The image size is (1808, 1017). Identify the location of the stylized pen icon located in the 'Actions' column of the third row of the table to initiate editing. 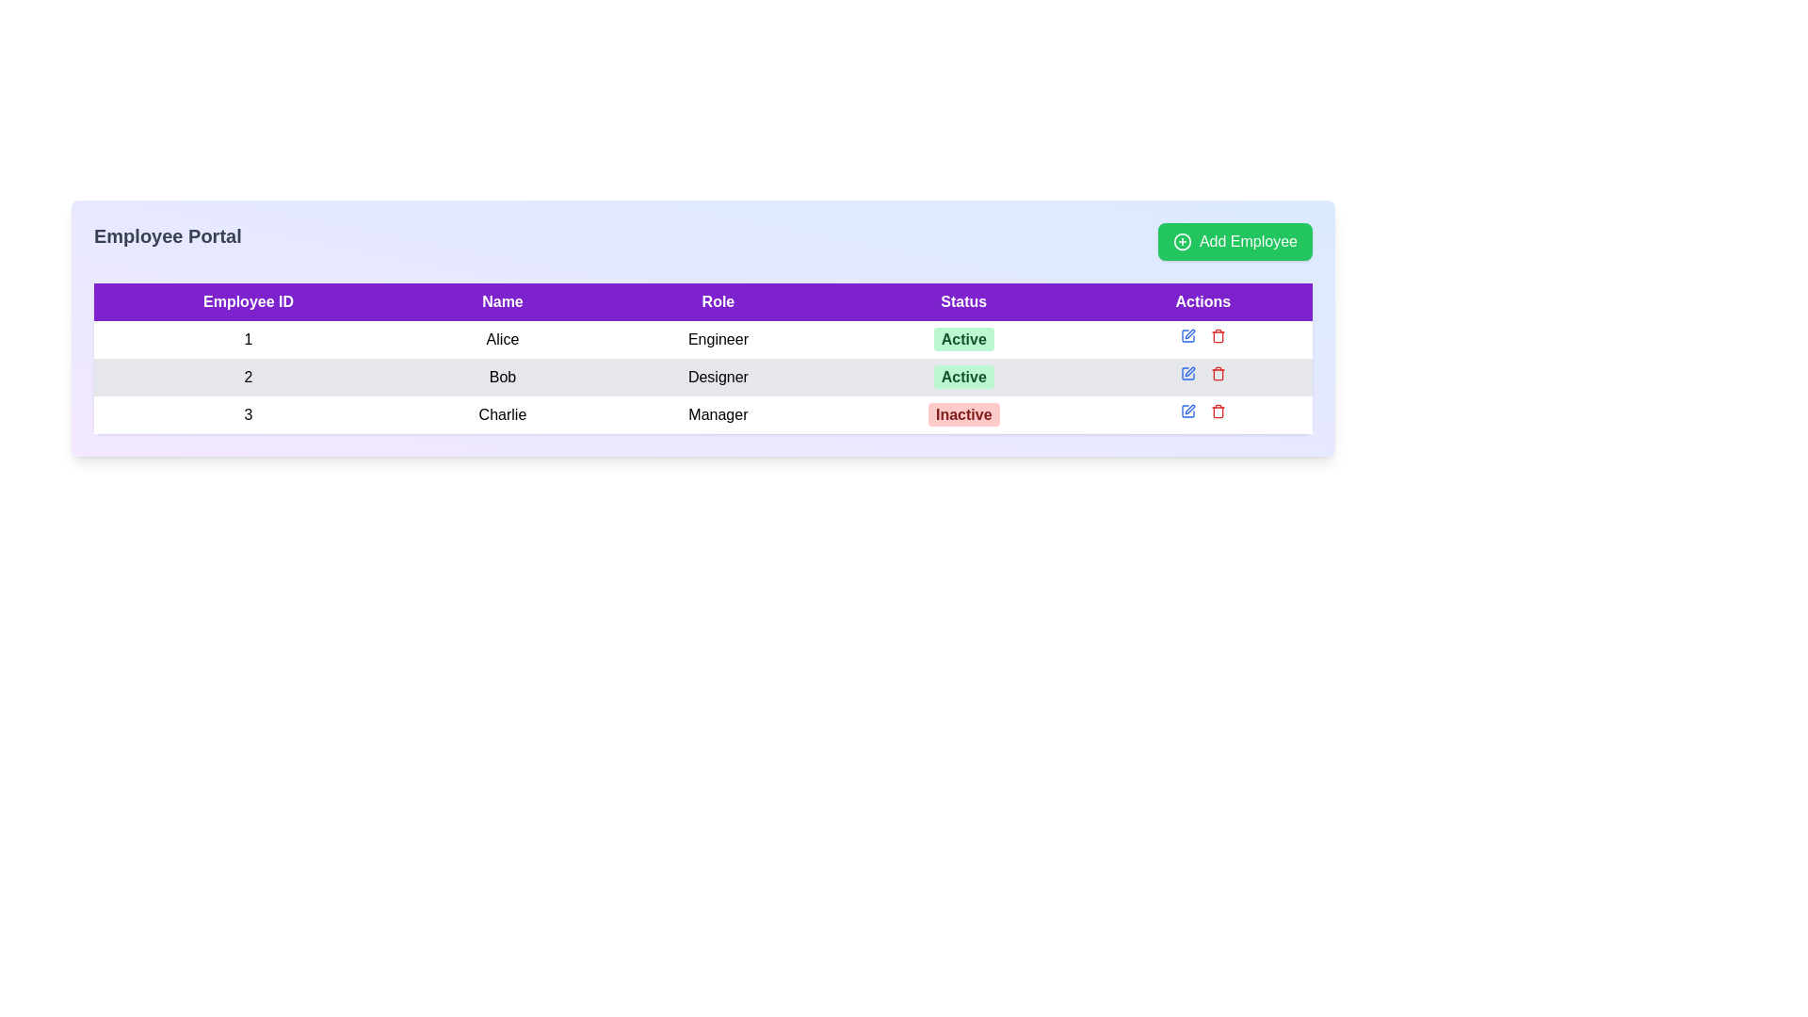
(1188, 371).